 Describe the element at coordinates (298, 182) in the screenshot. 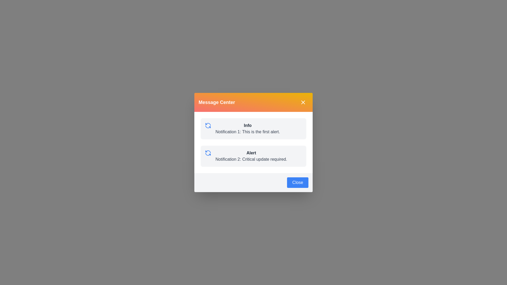

I see `the 'Close' button to close the dialog` at that location.